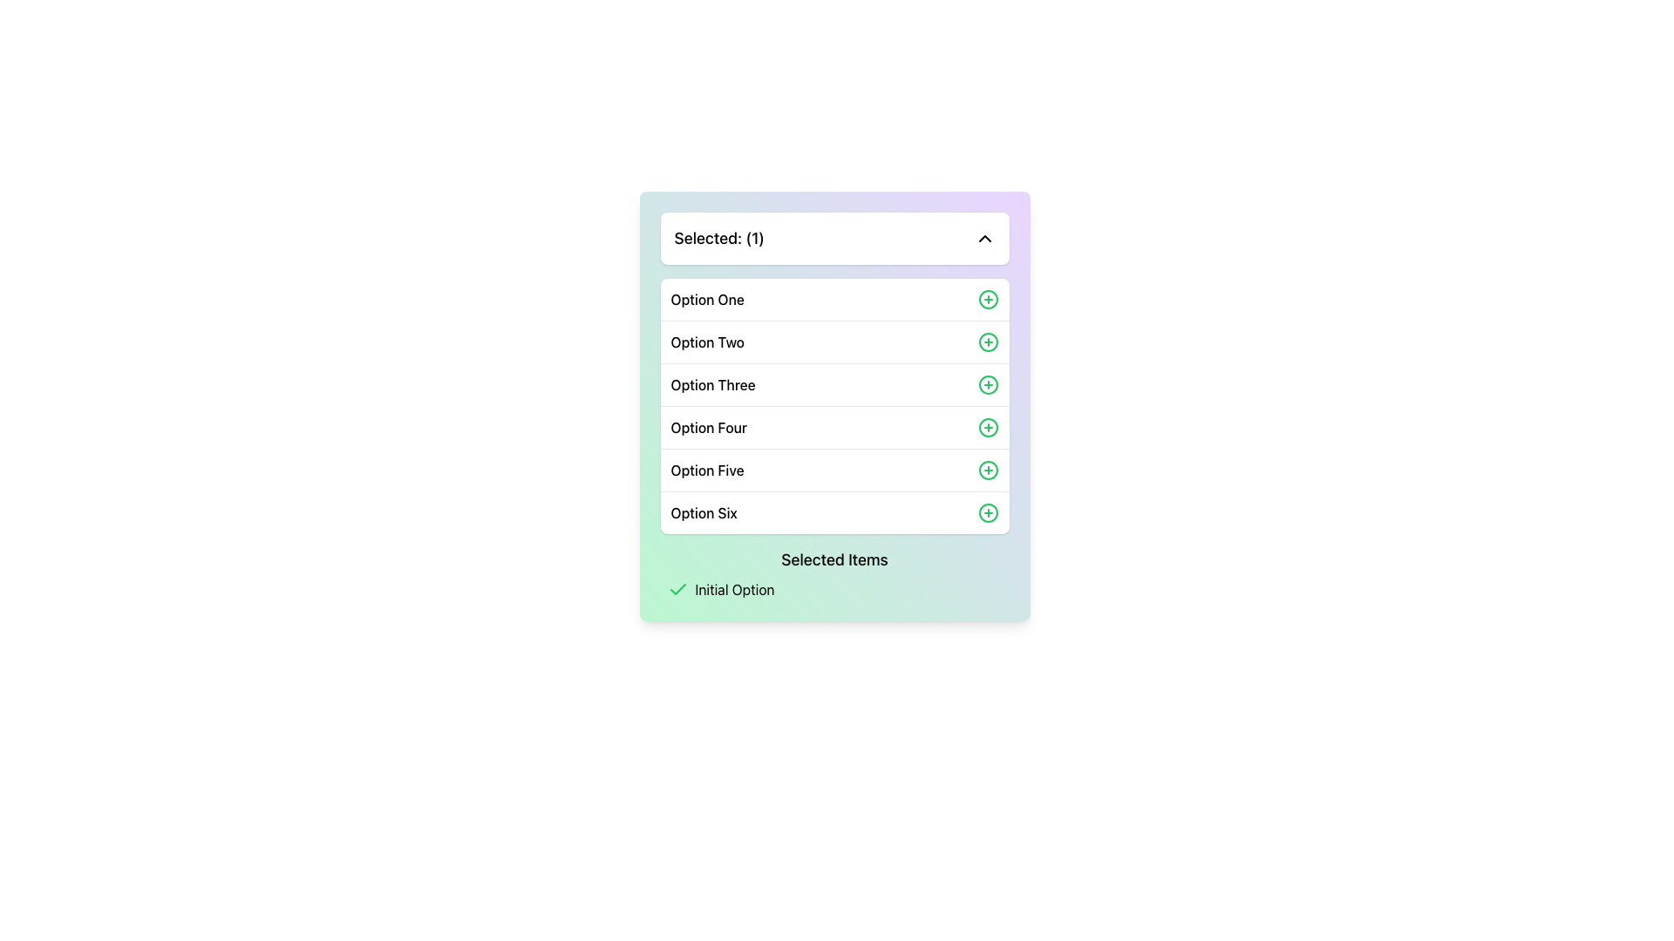  Describe the element at coordinates (707, 342) in the screenshot. I see `the text label 'Option Two' displayed in the selection list, which is the second item under the header 'Selected: (1)'` at that location.